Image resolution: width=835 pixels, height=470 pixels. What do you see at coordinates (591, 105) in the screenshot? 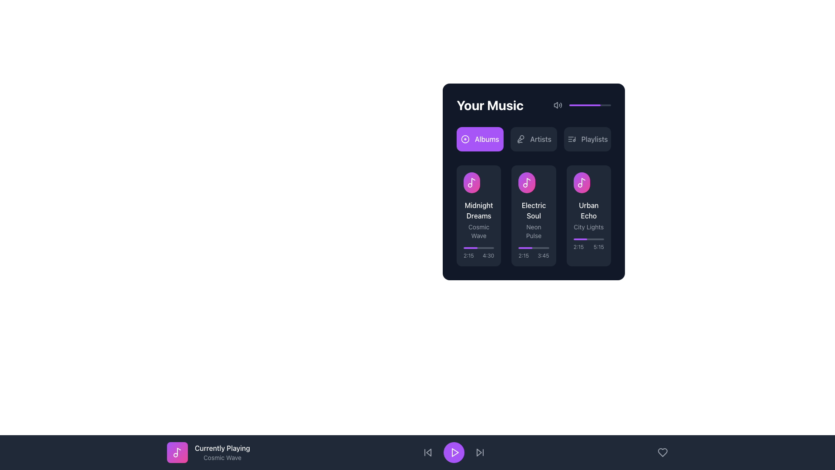
I see `the volume slider` at bounding box center [591, 105].